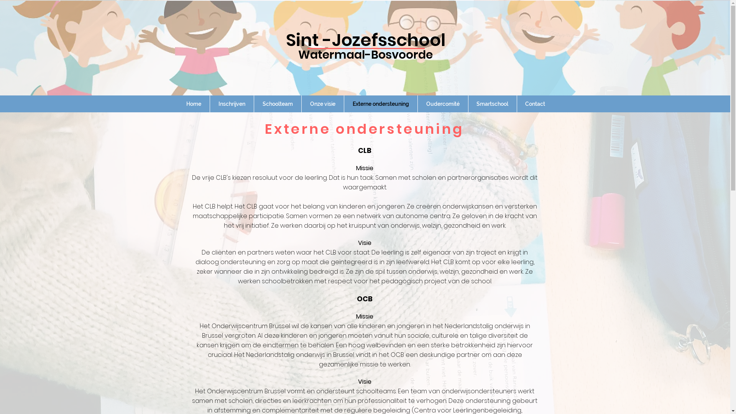  Describe the element at coordinates (493, 103) in the screenshot. I see `'Smartschool'` at that location.